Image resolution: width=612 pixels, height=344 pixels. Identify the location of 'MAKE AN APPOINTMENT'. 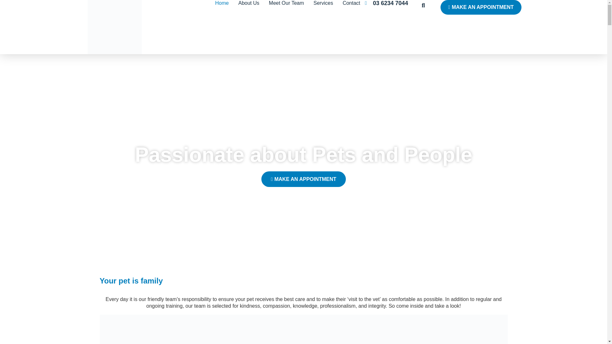
(261, 179).